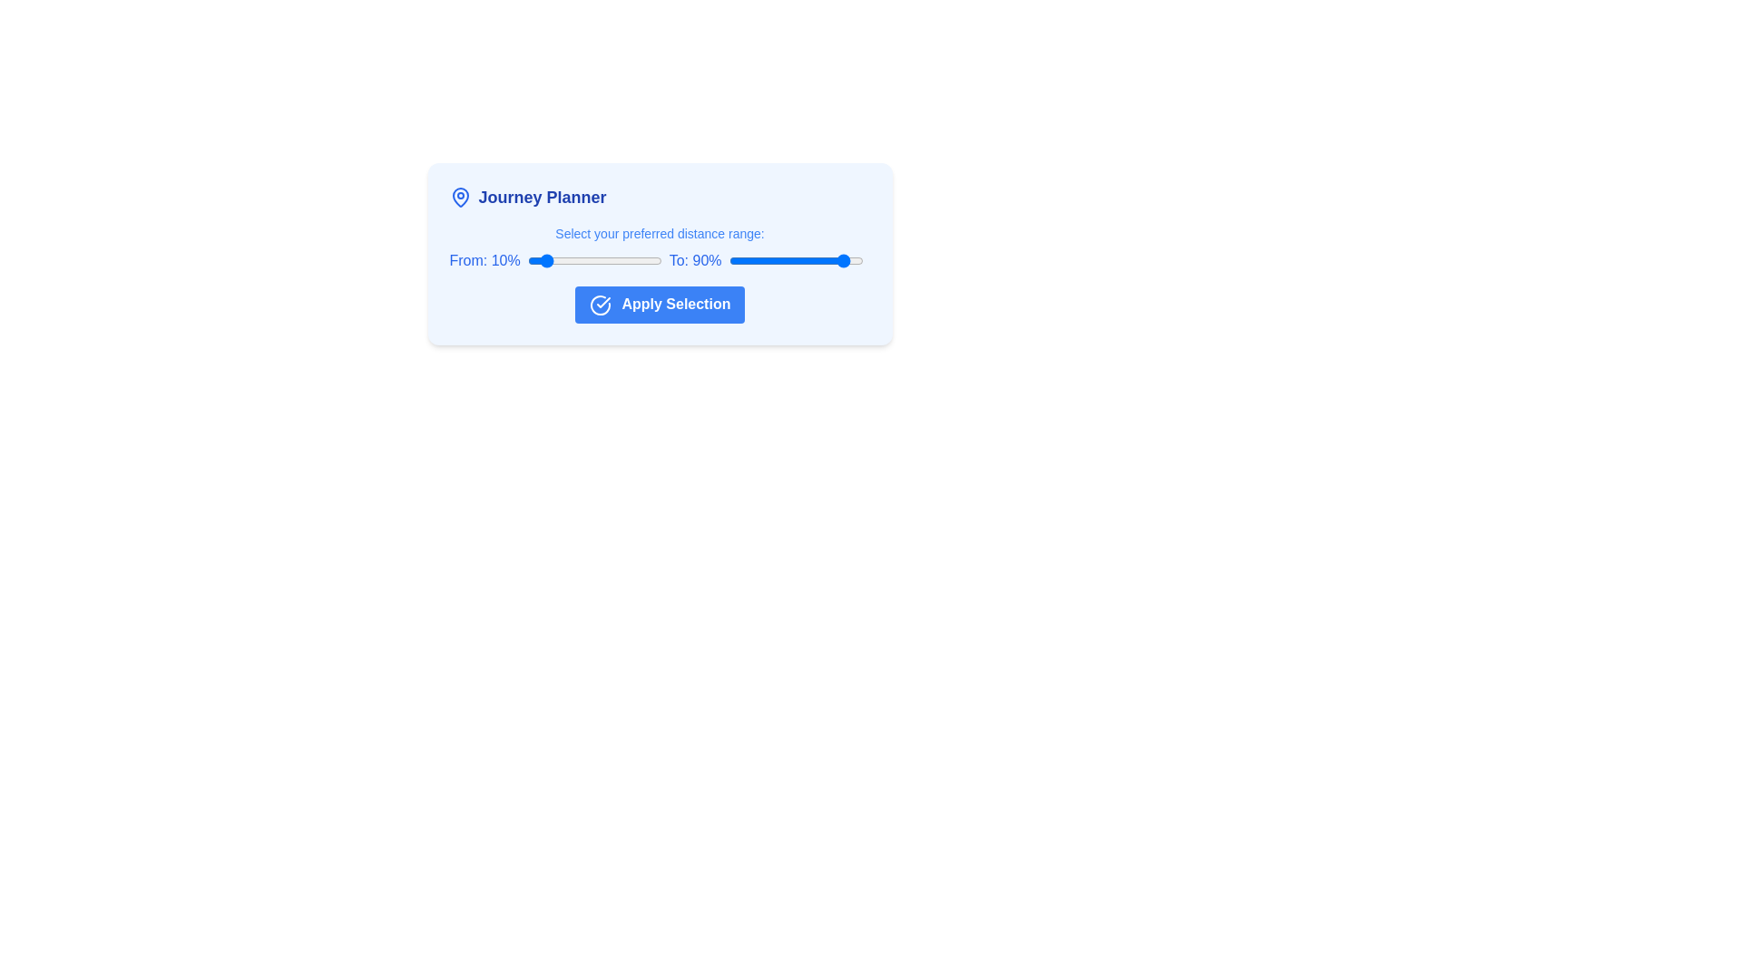 Image resolution: width=1742 pixels, height=979 pixels. Describe the element at coordinates (542, 198) in the screenshot. I see `the text label identifying the journey planning section, which is located immediately to the right of a blue circular pin icon` at that location.